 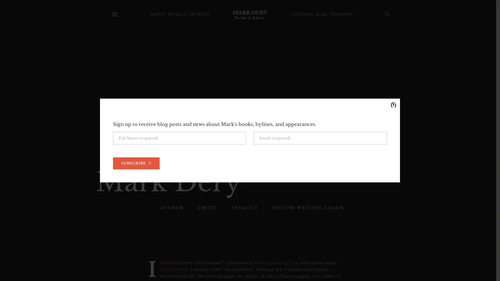 What do you see at coordinates (393, 105) in the screenshot?
I see `Close` at bounding box center [393, 105].